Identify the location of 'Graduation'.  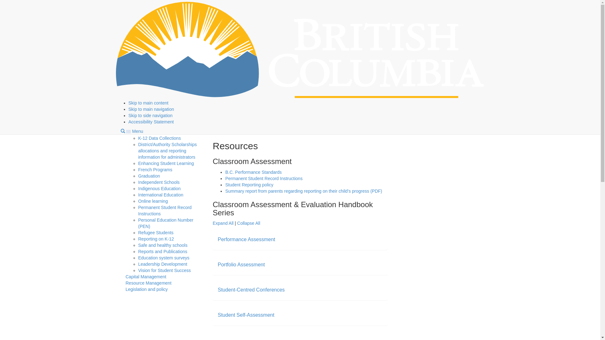
(137, 176).